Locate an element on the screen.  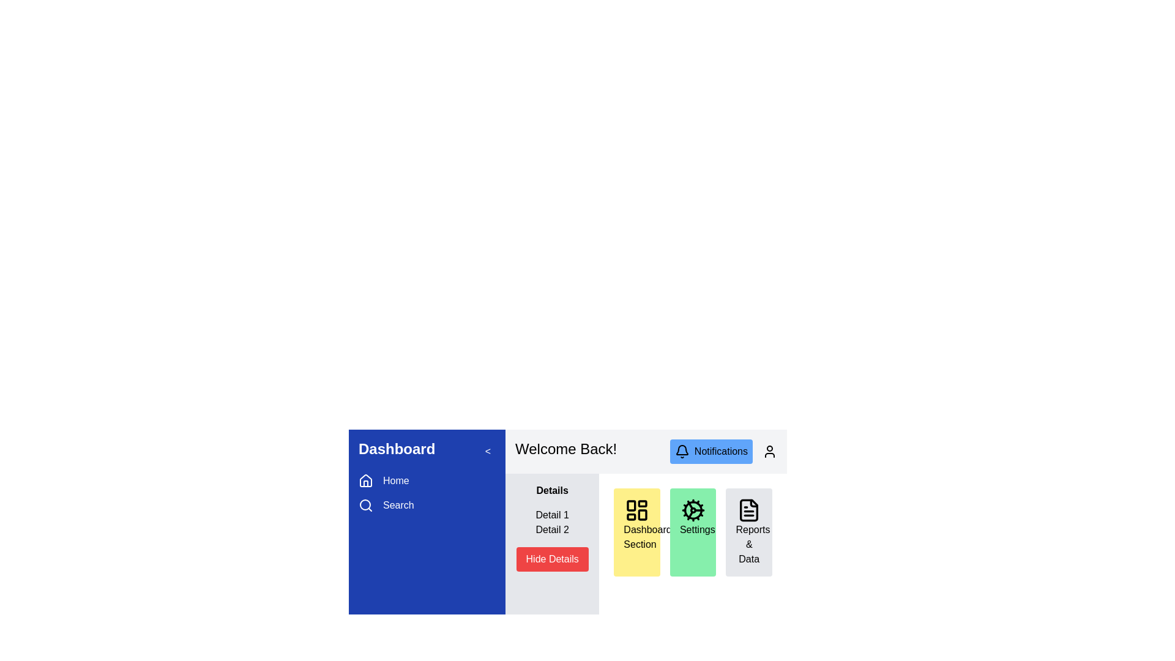
the text display component labeled 'Detail 2', which is styled in black font and aligned to the left with a light gray background, located in the second row of the 'Details' section is located at coordinates (551, 529).